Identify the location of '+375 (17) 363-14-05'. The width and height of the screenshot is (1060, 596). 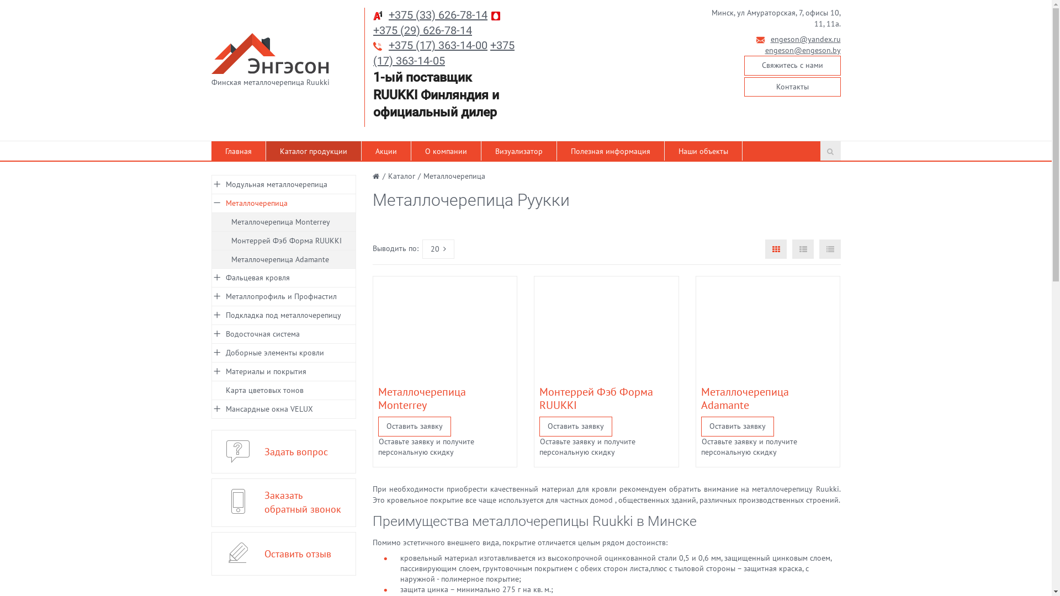
(373, 53).